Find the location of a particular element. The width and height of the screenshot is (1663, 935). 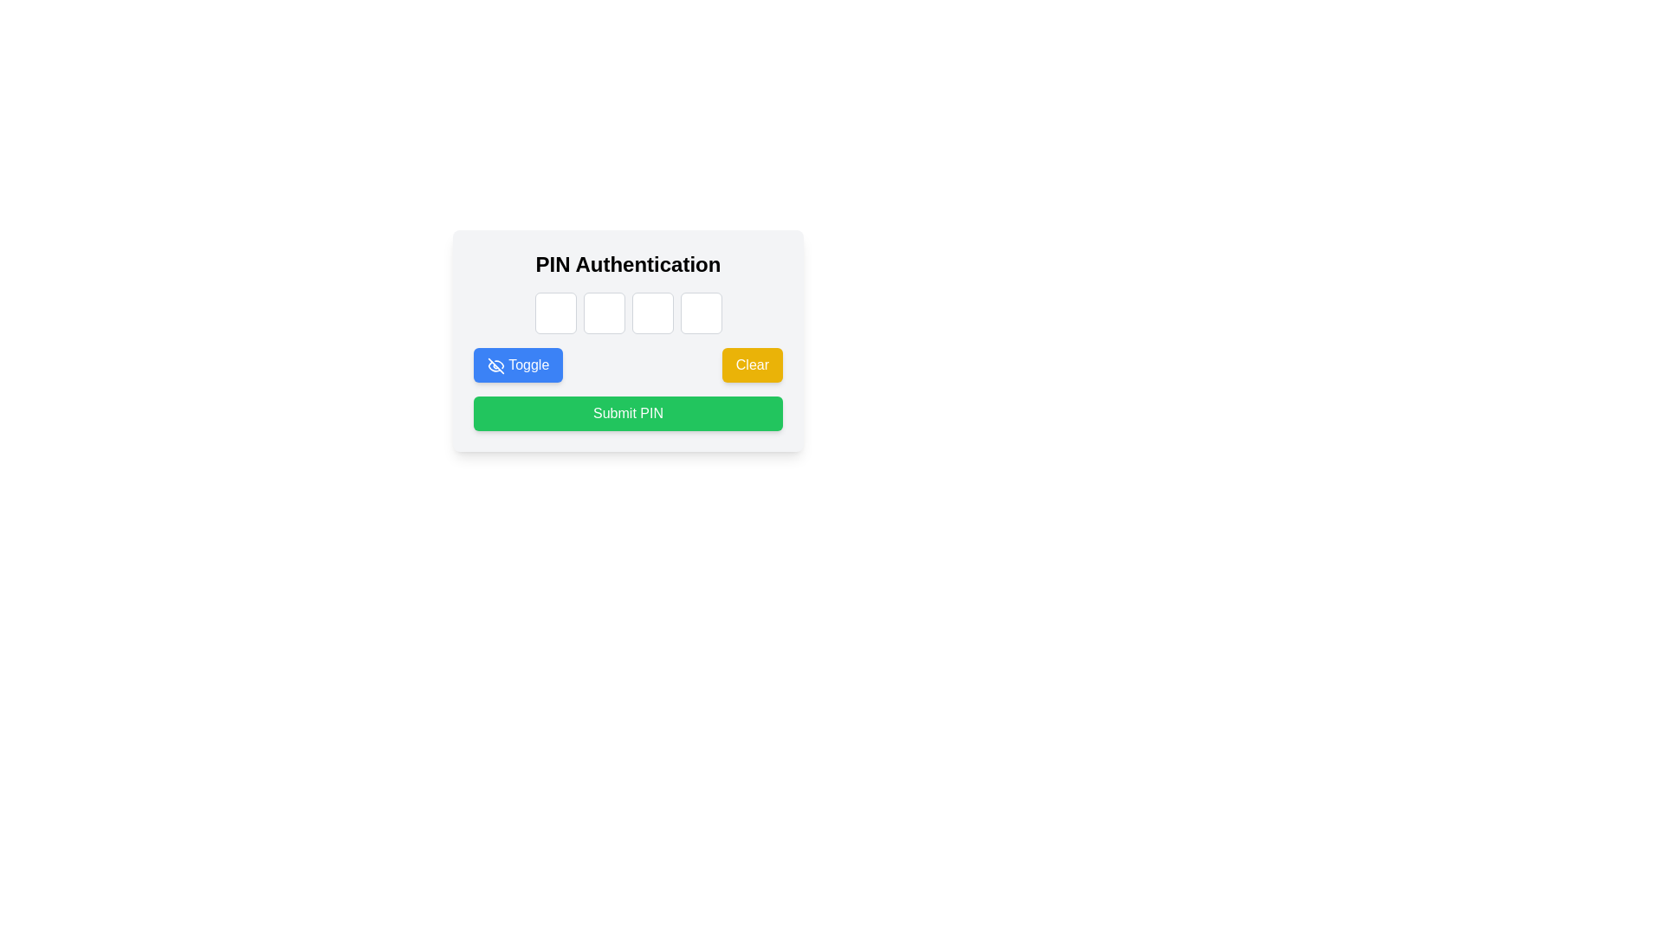

the input fields of the 'PIN Authentication' form-like interactive panel to type the PIN is located at coordinates (627, 340).